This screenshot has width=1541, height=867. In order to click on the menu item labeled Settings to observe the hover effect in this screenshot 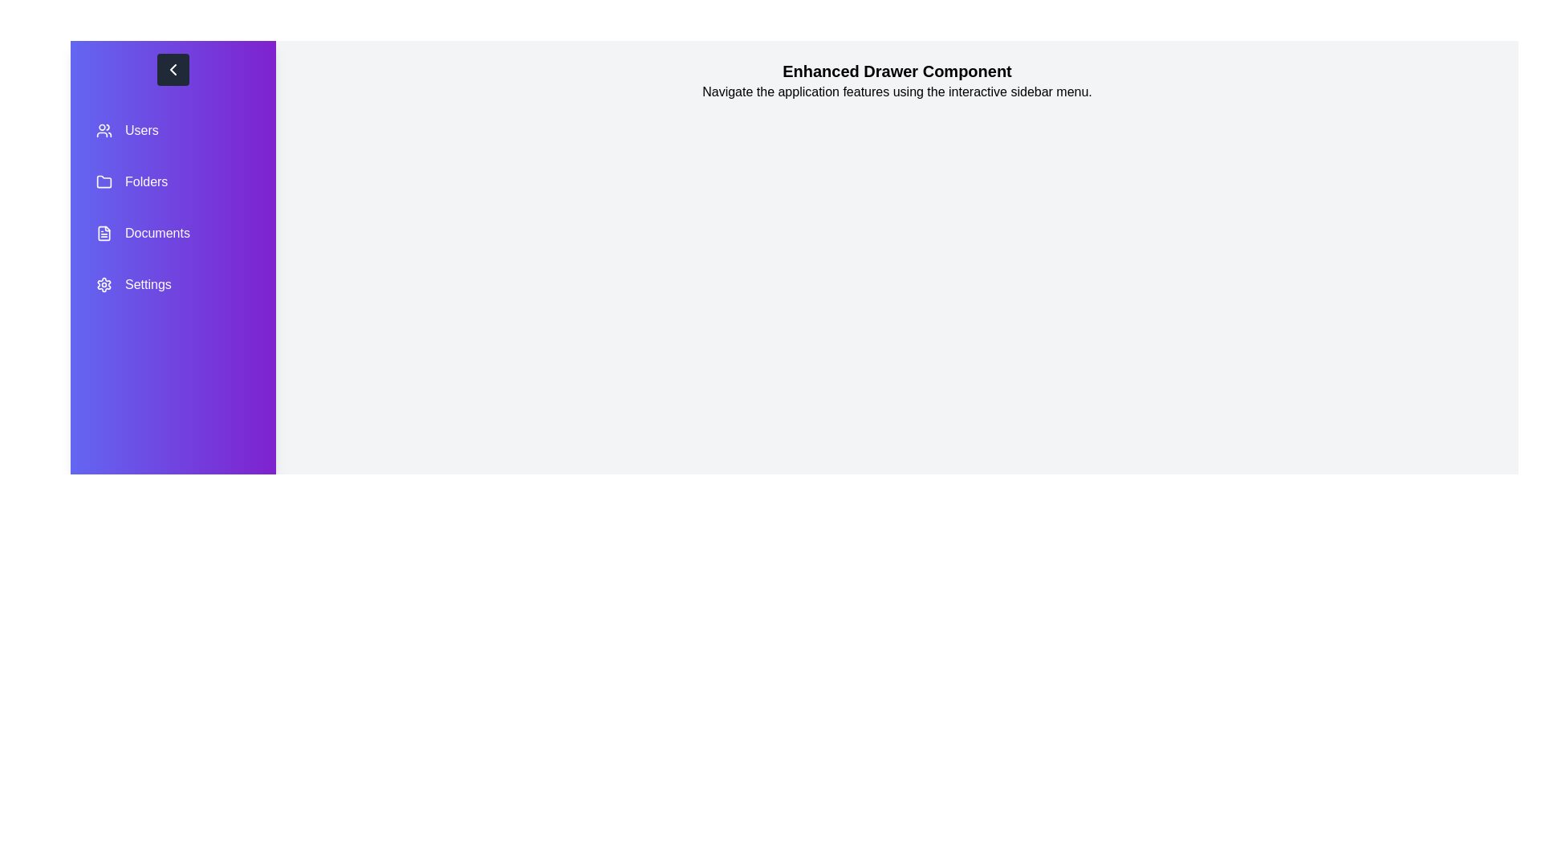, I will do `click(173, 283)`.